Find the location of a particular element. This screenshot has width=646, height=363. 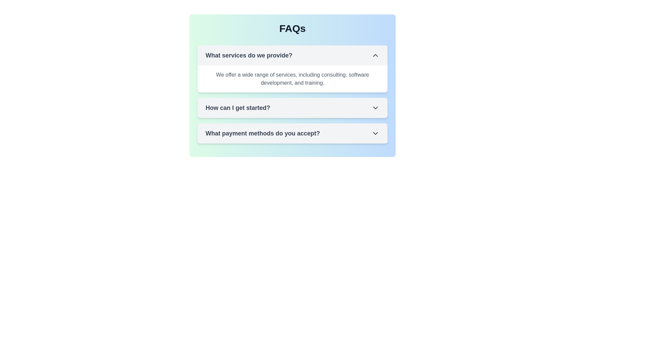

the small downward-pointing chevron icon near the right side of the 'How can I get started?' header in the FAQs section is located at coordinates (375, 107).